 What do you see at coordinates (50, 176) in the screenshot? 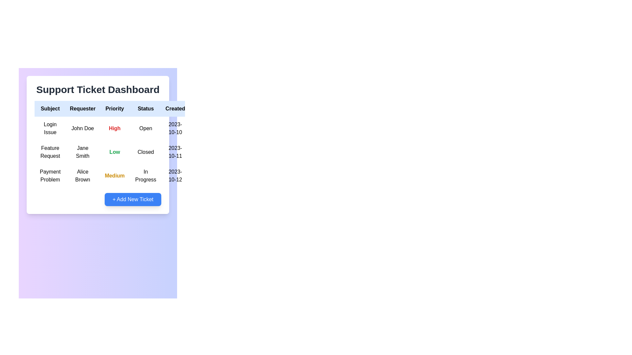
I see `the 'Payment Problem' text label located in the 'Subject' column of the support ticket table, specifically in the third row` at bounding box center [50, 176].